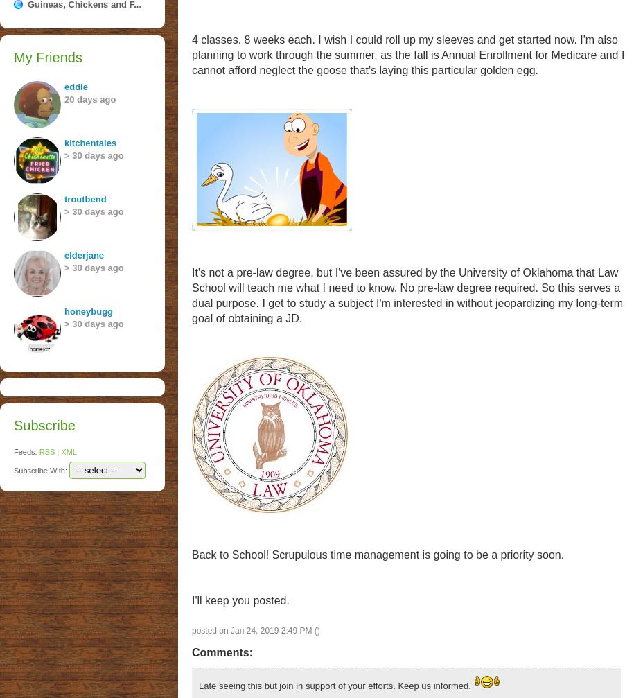 This screenshot has width=643, height=698. What do you see at coordinates (53, 451) in the screenshot?
I see `'|'` at bounding box center [53, 451].